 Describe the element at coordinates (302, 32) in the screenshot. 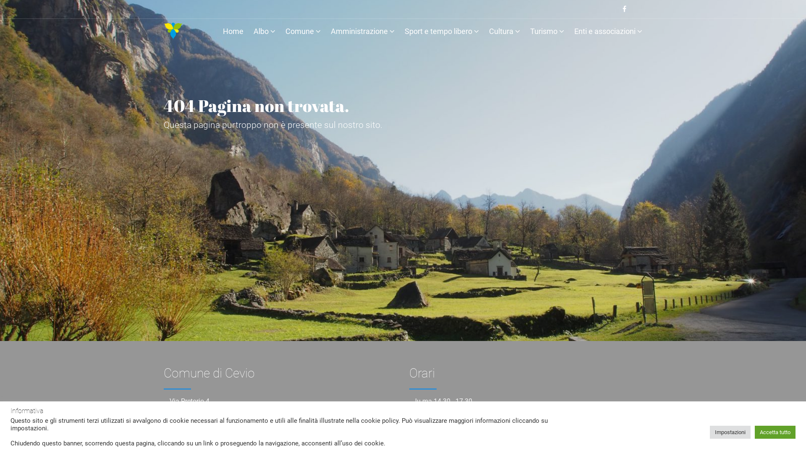

I see `'Comune'` at that location.